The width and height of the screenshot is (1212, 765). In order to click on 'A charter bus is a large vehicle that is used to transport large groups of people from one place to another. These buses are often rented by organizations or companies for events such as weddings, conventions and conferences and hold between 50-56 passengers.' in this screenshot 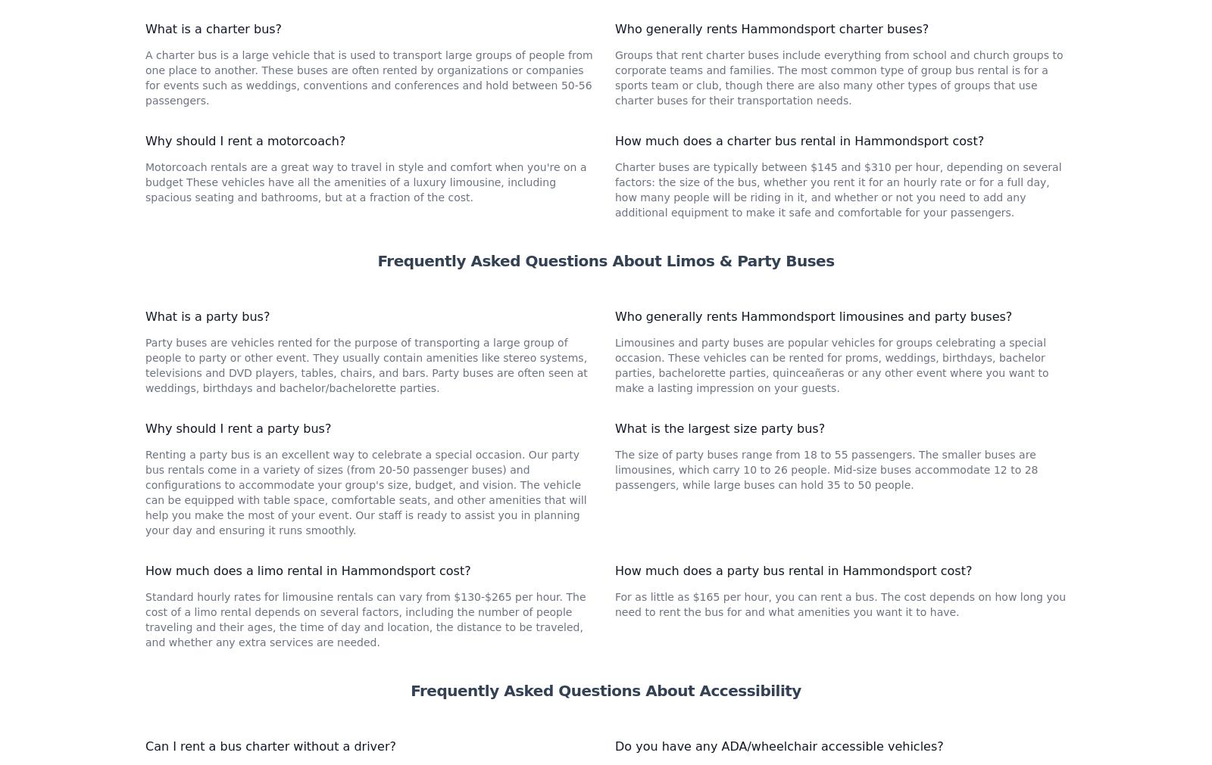, I will do `click(368, 278)`.